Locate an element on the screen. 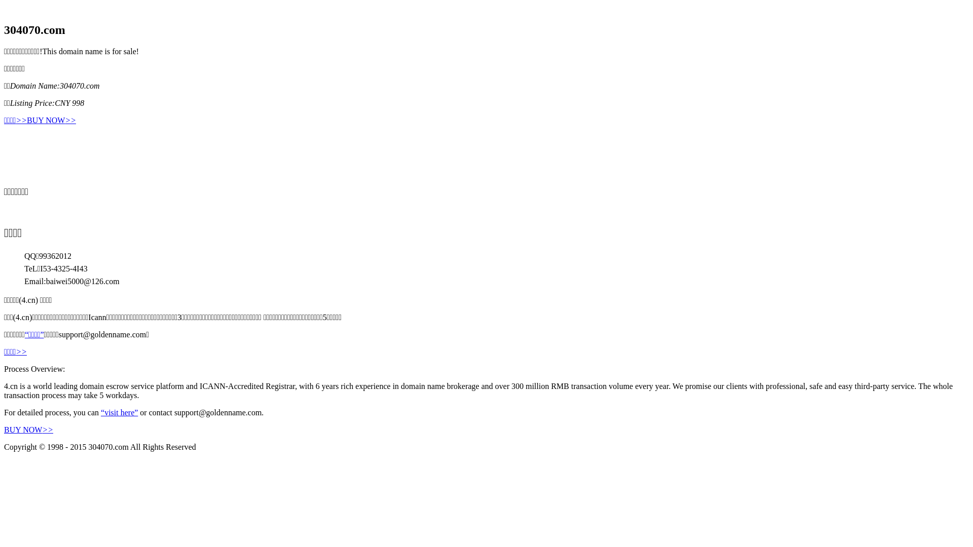  'BUY NOW>>' is located at coordinates (51, 120).